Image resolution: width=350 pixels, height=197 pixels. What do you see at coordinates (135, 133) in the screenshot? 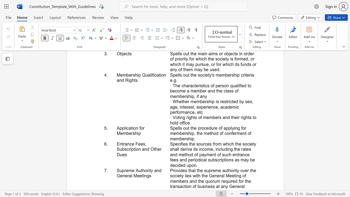
I see `the subset text "hi" within the text "Application for Membership"` at bounding box center [135, 133].